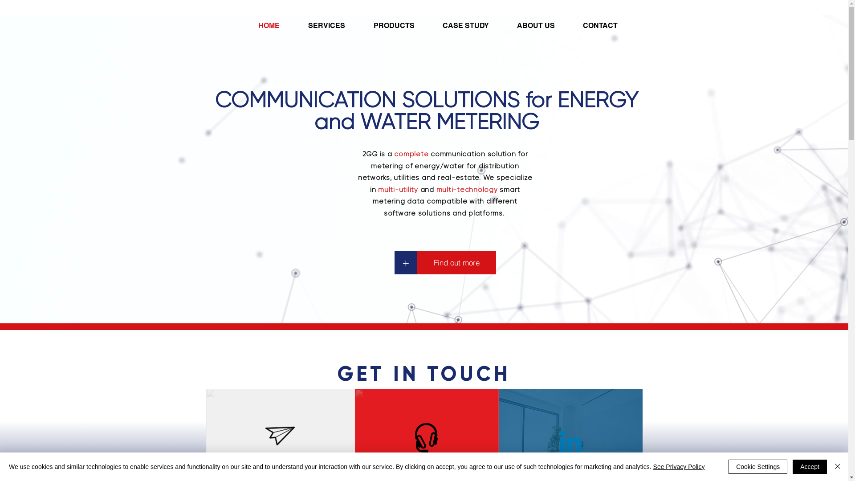 This screenshot has width=855, height=481. What do you see at coordinates (510, 25) in the screenshot?
I see `'ABOUT US'` at bounding box center [510, 25].